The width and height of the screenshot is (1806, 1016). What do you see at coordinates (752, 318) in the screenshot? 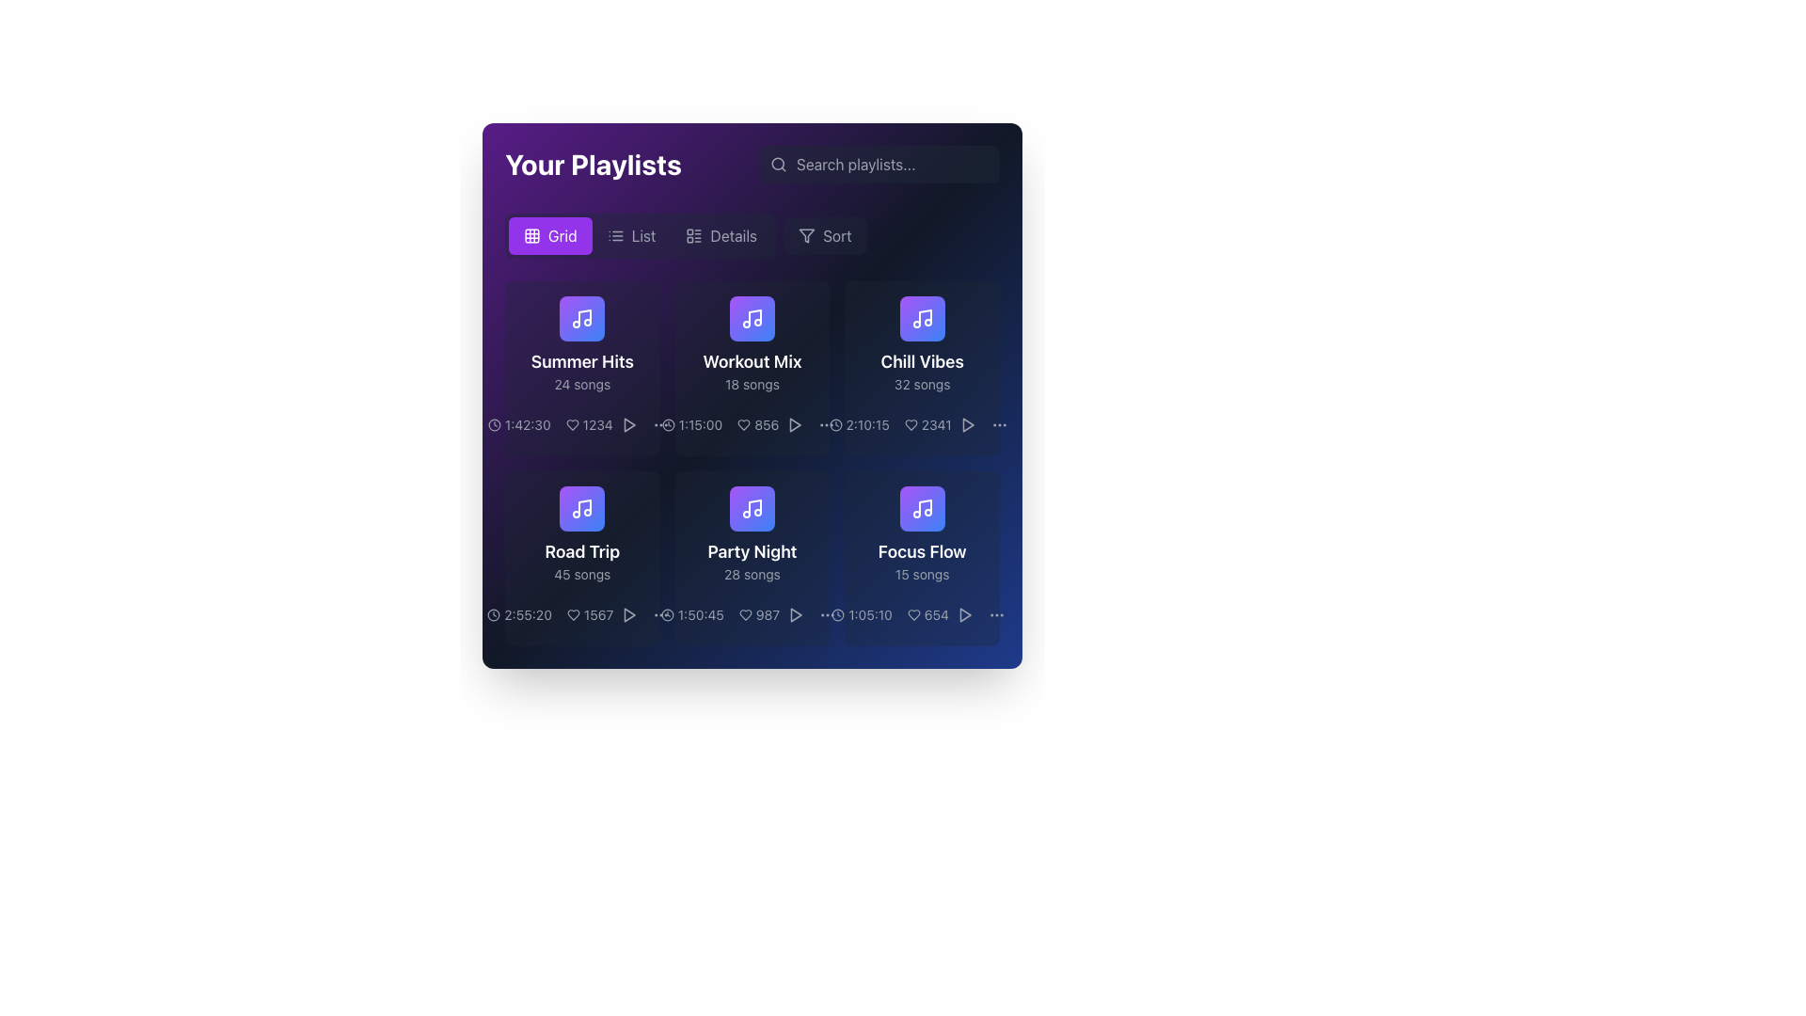
I see `the rounded square icon with a gradient background and white music note, located in the second item of the top row under the 'Workout Mix' playlist` at bounding box center [752, 318].